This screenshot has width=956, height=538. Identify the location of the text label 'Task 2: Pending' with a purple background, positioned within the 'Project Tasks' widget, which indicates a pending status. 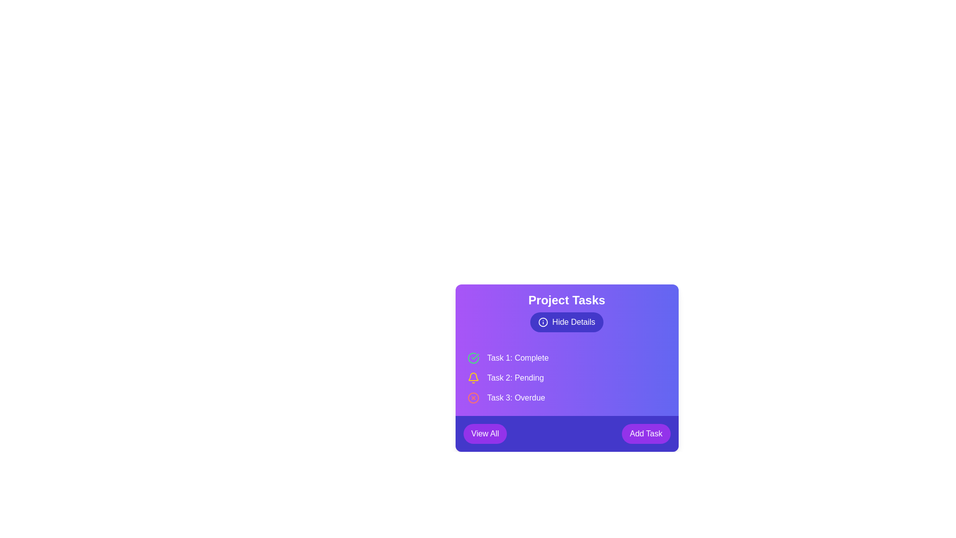
(515, 378).